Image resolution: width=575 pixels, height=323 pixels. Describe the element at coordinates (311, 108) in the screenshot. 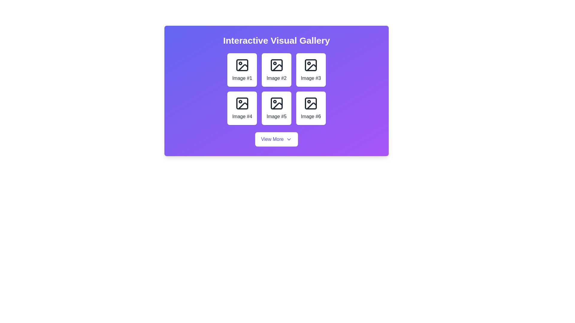

I see `the last Card element in the grid layout that represents 'Image #6'` at that location.